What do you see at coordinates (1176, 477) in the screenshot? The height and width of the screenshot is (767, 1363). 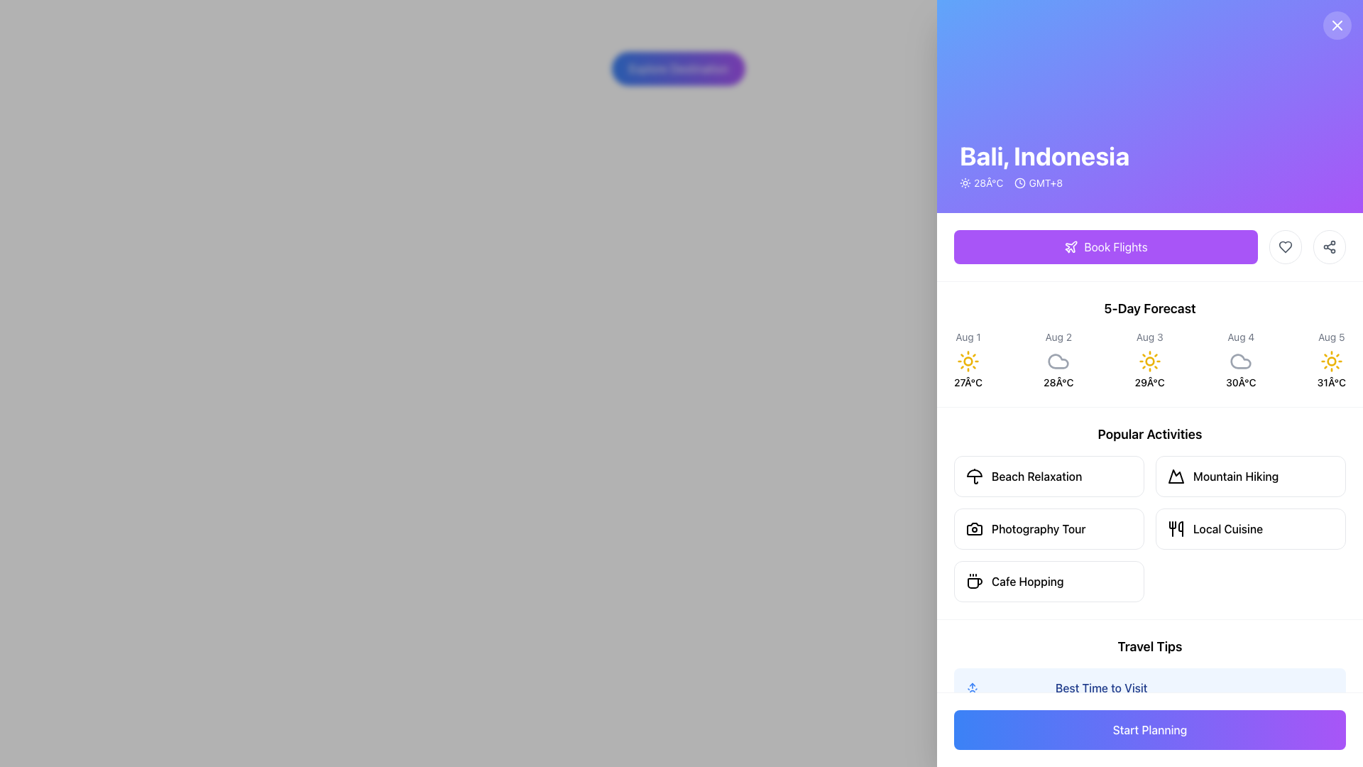 I see `the mountain-shaped icon located next to the text 'Mountain Hiking' within the card labeled 'Mountain Hiking' in the top-right area of the section` at bounding box center [1176, 477].